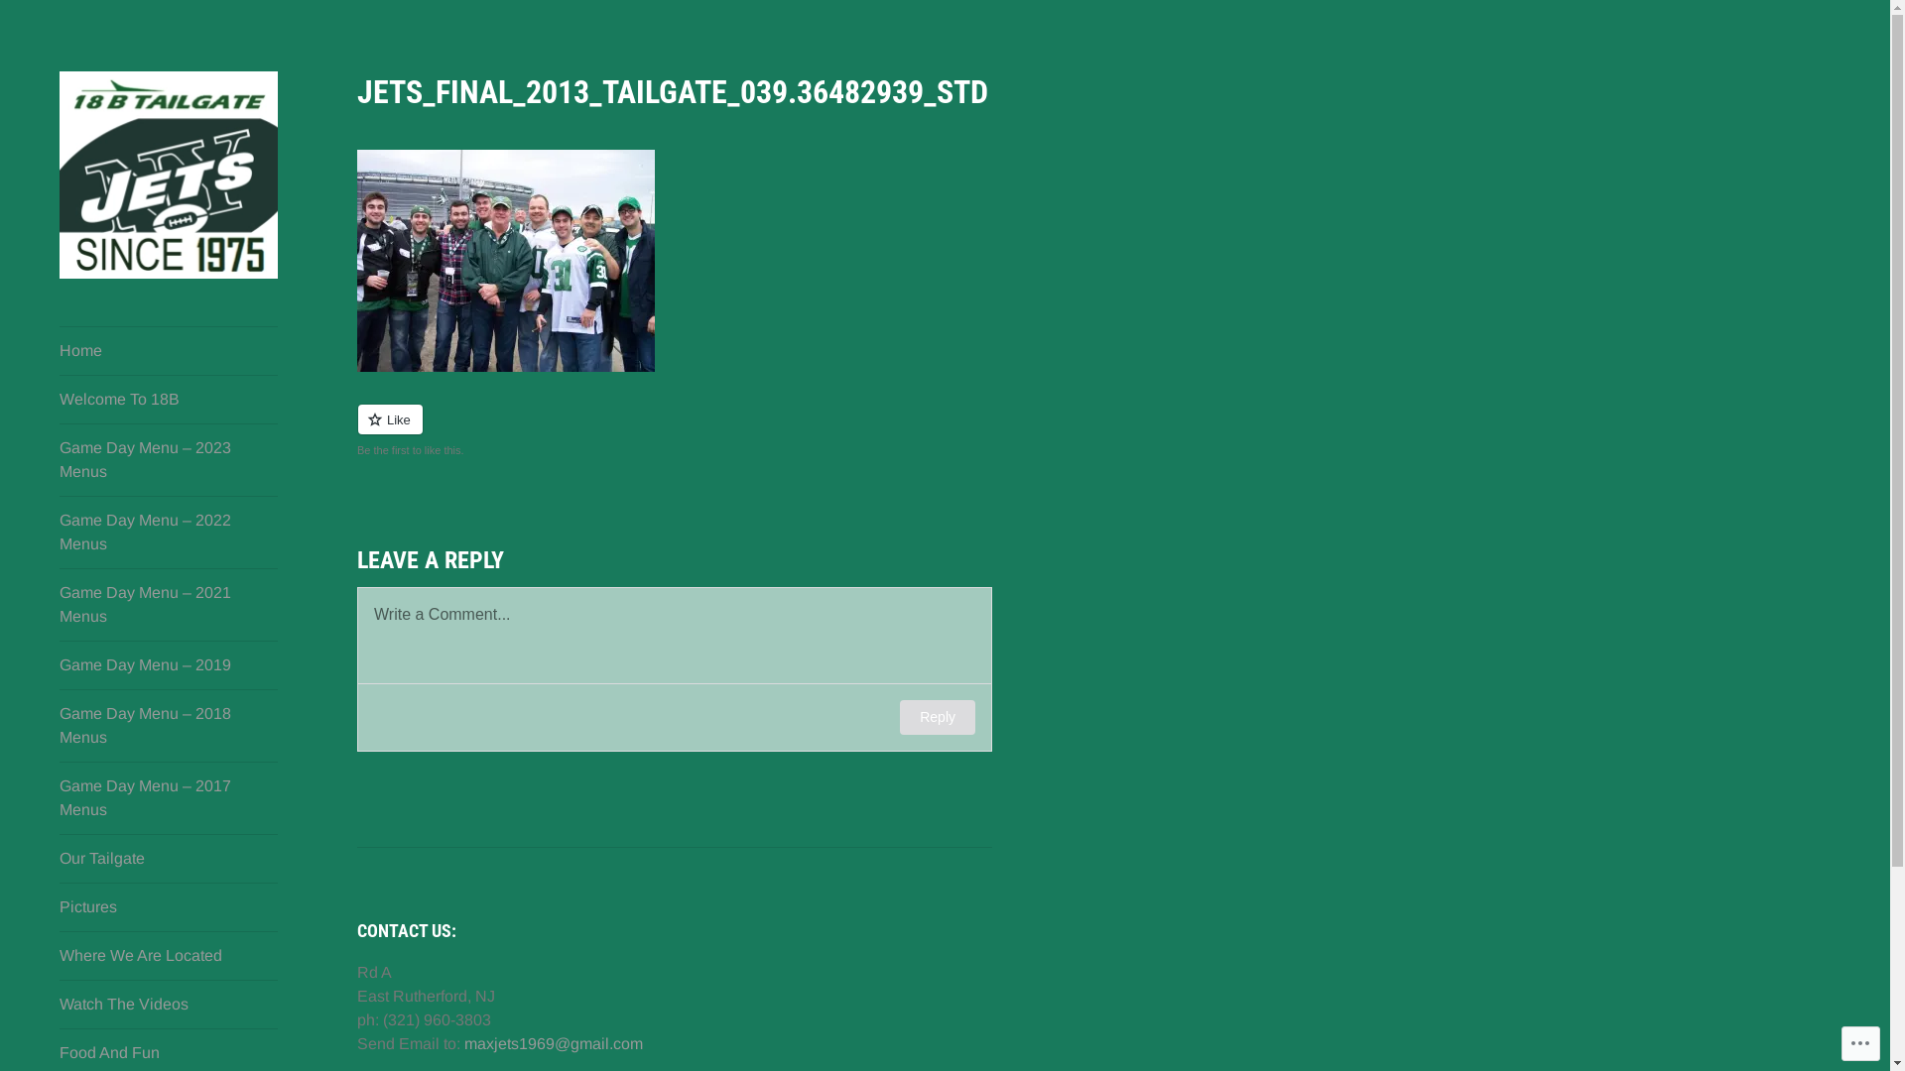 Image resolution: width=1905 pixels, height=1071 pixels. I want to click on 'Pictures', so click(168, 906).